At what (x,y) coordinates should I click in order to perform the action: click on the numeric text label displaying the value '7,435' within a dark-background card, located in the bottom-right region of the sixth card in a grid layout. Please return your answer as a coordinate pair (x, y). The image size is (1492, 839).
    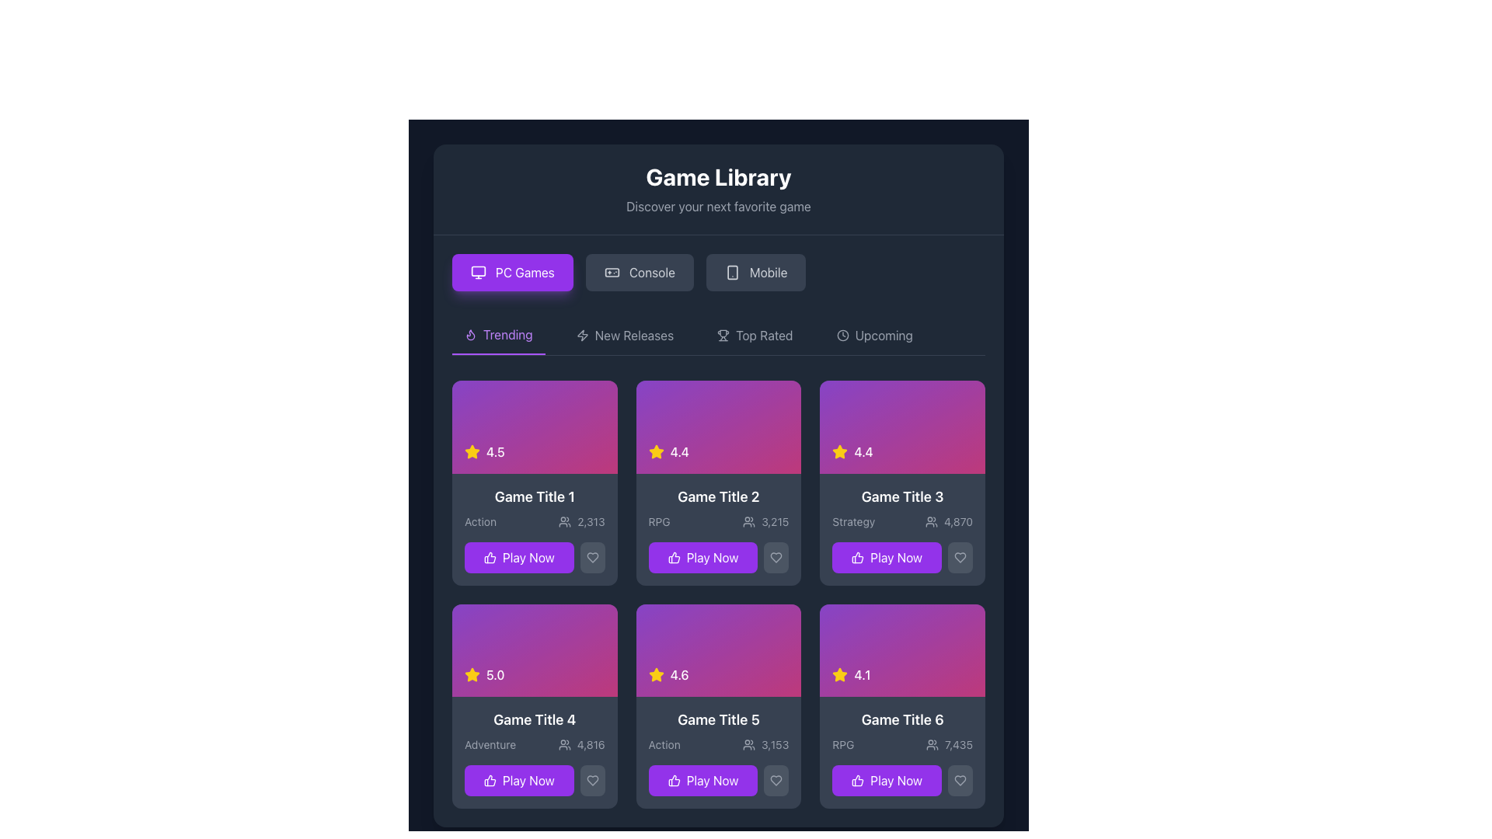
    Looking at the image, I should click on (957, 744).